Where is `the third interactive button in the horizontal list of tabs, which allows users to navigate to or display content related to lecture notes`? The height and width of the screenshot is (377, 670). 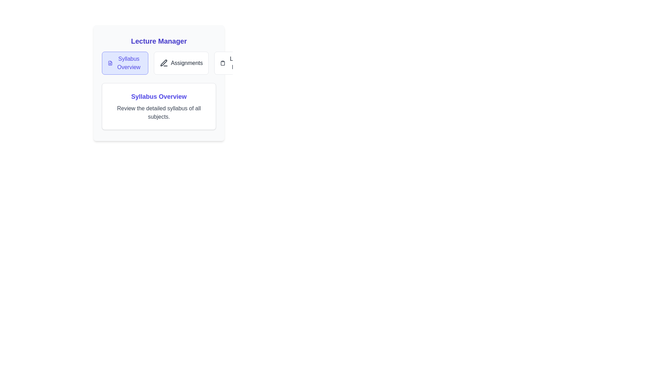
the third interactive button in the horizontal list of tabs, which allows users to navigate to or display content related to lecture notes is located at coordinates (235, 63).